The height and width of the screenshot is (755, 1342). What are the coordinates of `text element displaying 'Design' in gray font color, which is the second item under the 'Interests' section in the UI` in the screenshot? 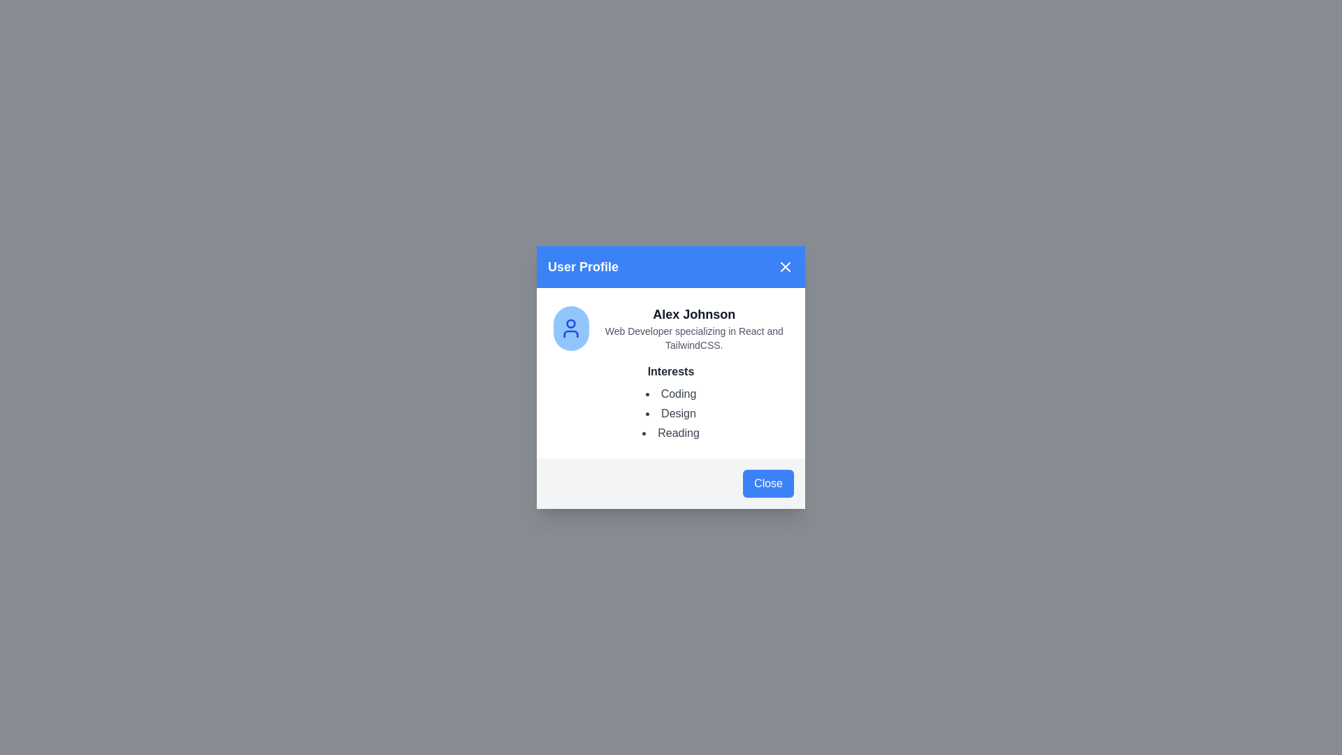 It's located at (671, 412).